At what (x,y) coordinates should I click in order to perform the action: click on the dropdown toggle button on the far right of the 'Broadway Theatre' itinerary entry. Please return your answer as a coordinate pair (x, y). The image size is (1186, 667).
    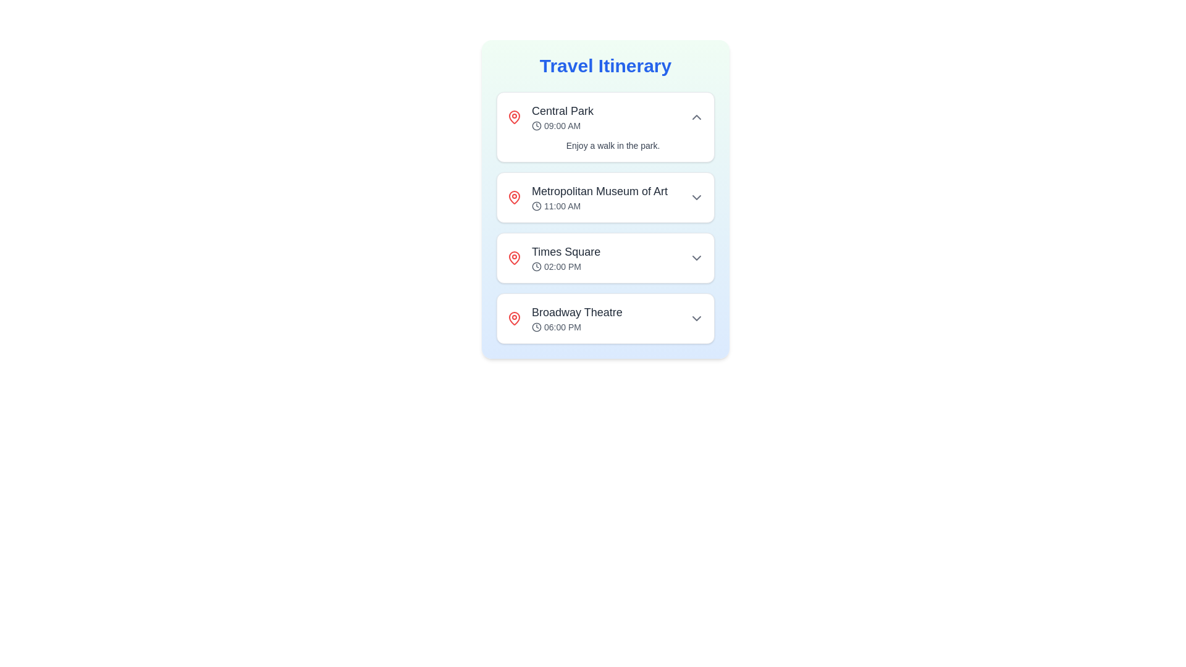
    Looking at the image, I should click on (697, 318).